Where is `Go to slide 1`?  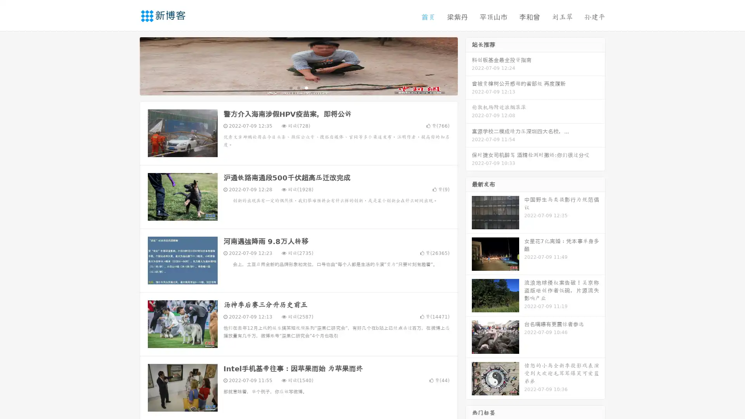 Go to slide 1 is located at coordinates (290, 87).